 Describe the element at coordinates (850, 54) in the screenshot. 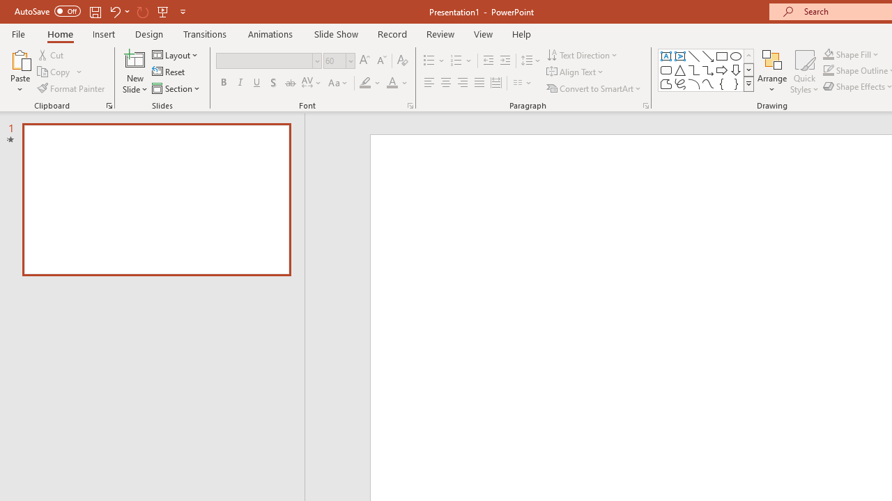

I see `'Shape Fill'` at that location.